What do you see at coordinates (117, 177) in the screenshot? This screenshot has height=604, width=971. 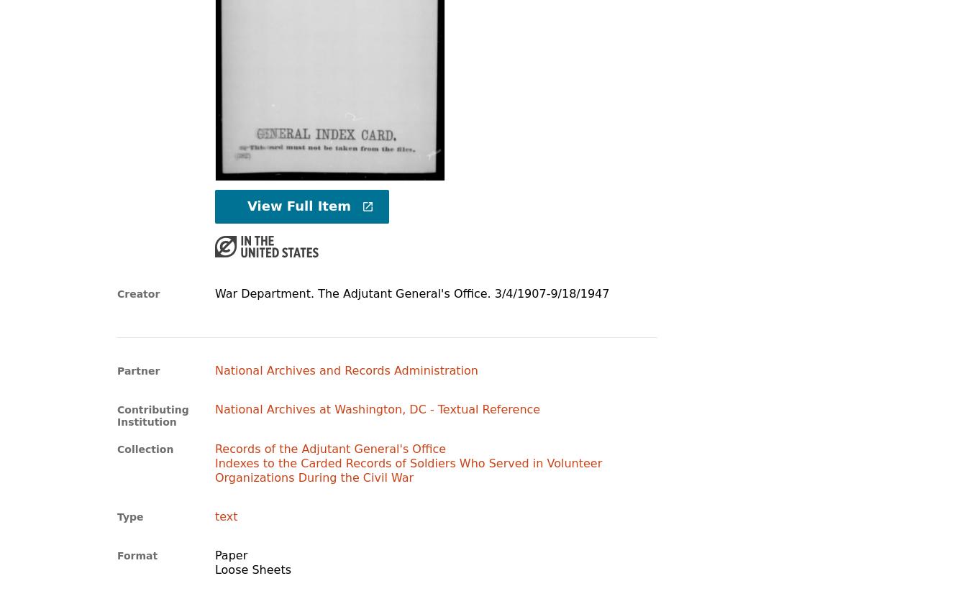 I see `'Image'` at bounding box center [117, 177].